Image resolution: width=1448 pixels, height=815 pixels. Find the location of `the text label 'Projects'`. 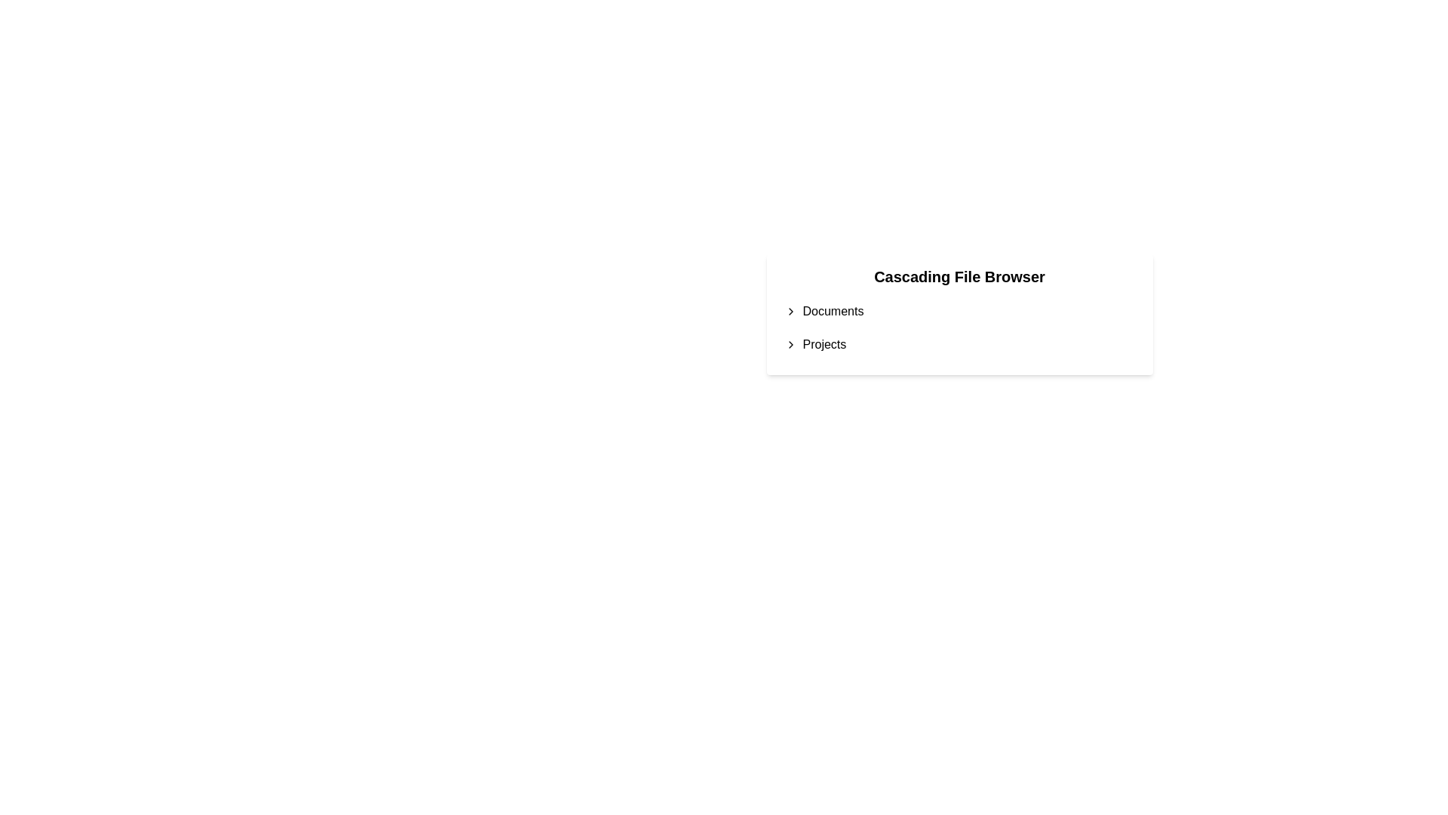

the text label 'Projects' is located at coordinates (824, 344).